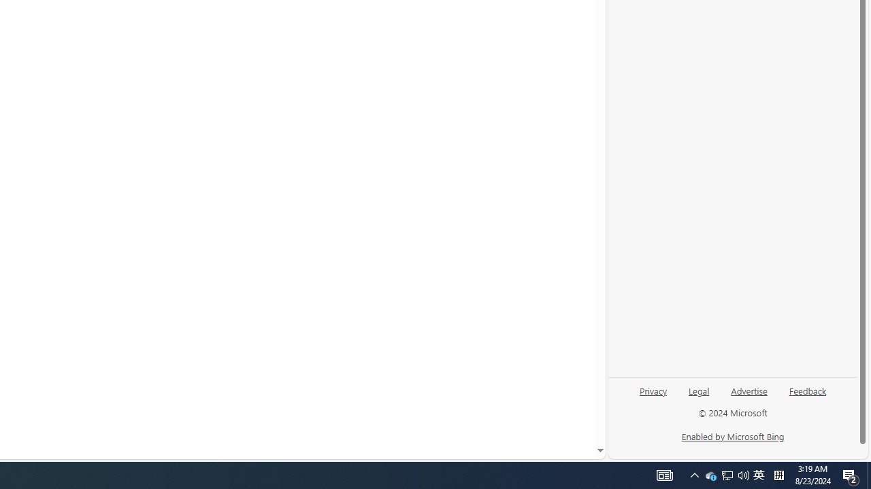 The width and height of the screenshot is (871, 489). What do you see at coordinates (698, 396) in the screenshot?
I see `'Legal'` at bounding box center [698, 396].